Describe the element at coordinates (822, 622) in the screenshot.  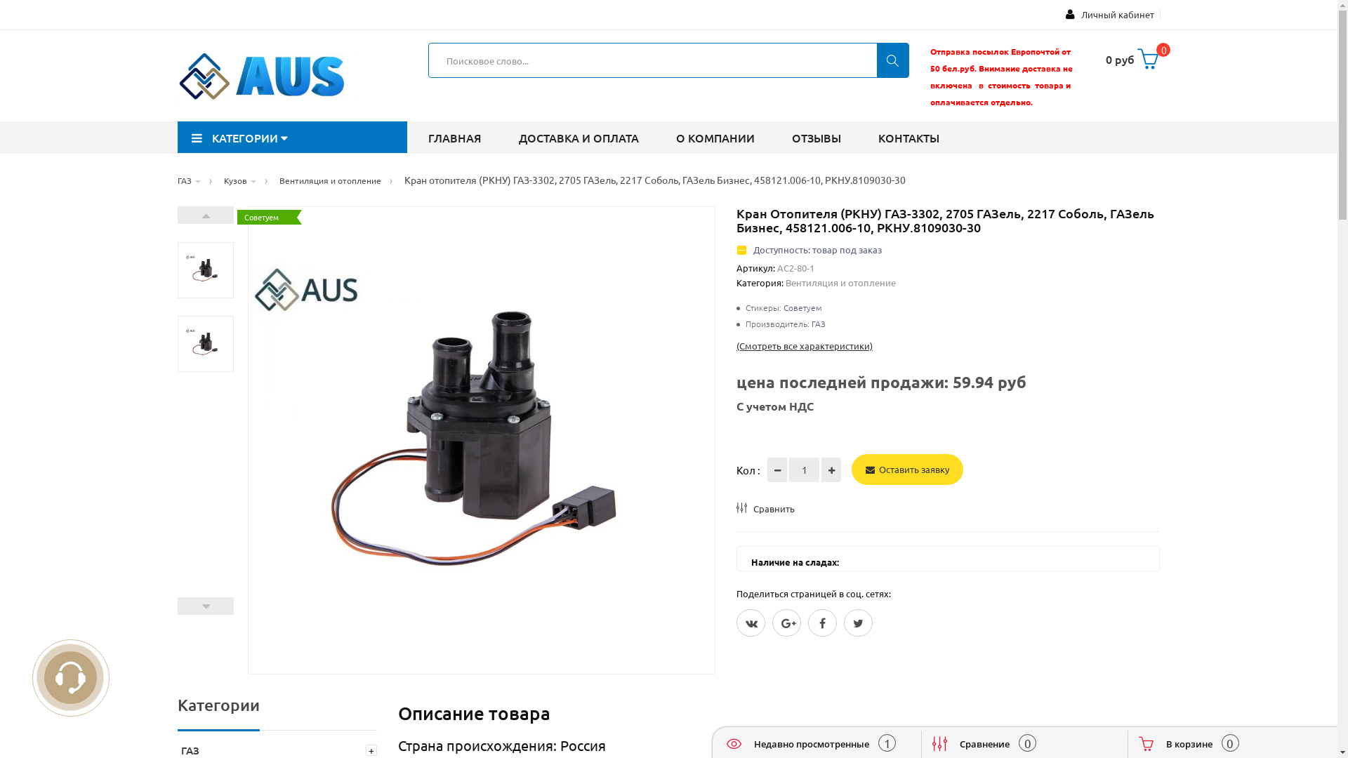
I see `'Facebook'` at that location.